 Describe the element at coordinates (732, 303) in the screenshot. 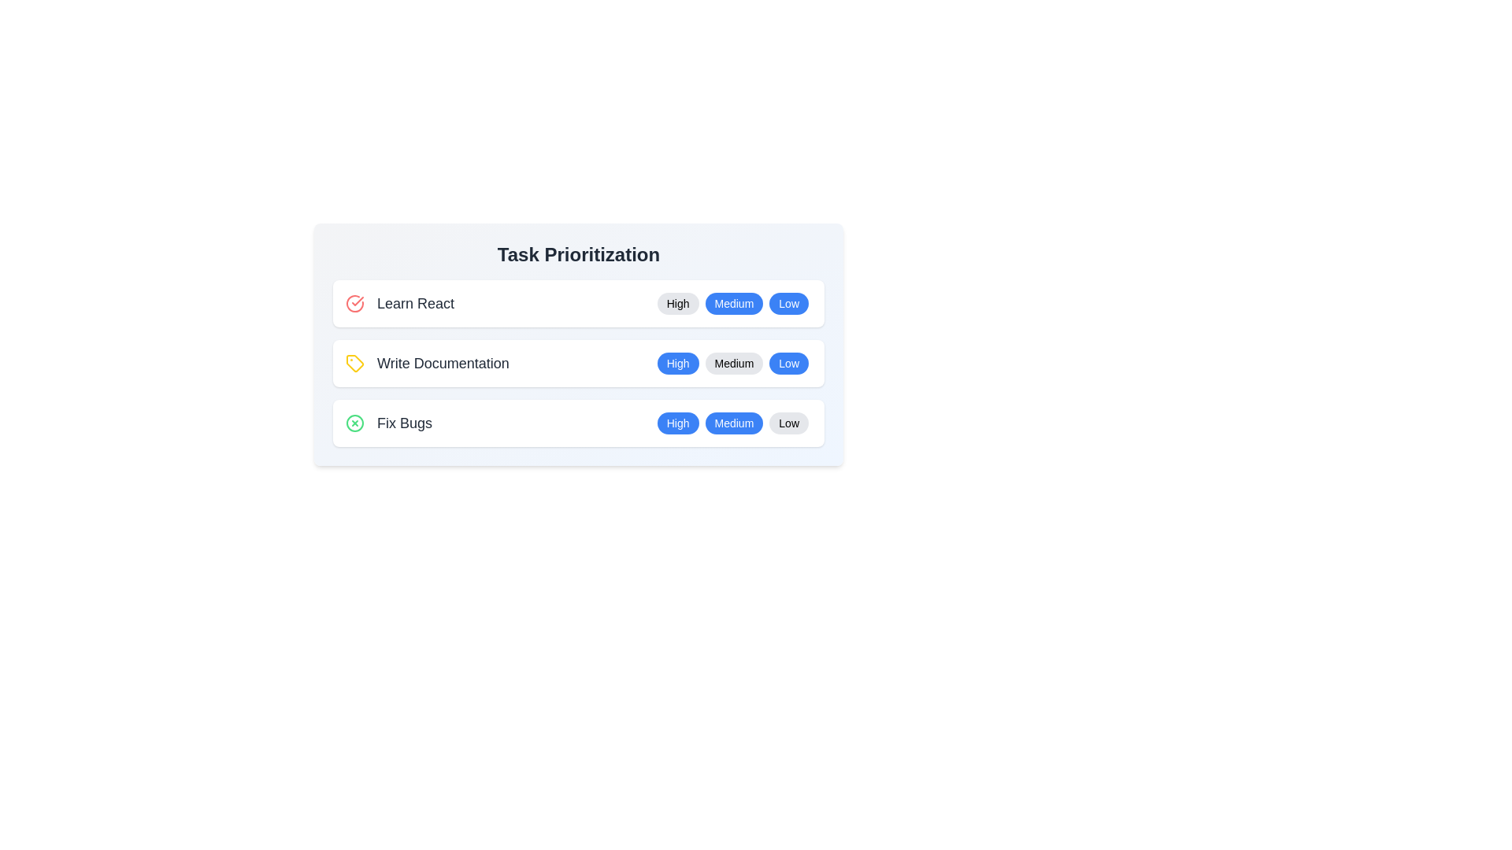

I see `the priority Medium for the task Learn React` at that location.